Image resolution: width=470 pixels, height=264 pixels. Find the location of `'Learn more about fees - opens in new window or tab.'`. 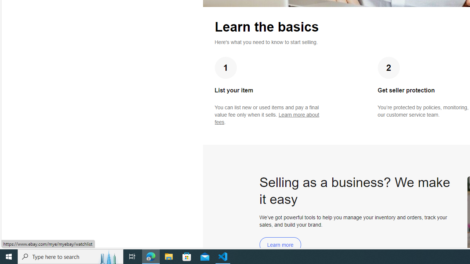

'Learn more about fees - opens in new window or tab.' is located at coordinates (267, 118).